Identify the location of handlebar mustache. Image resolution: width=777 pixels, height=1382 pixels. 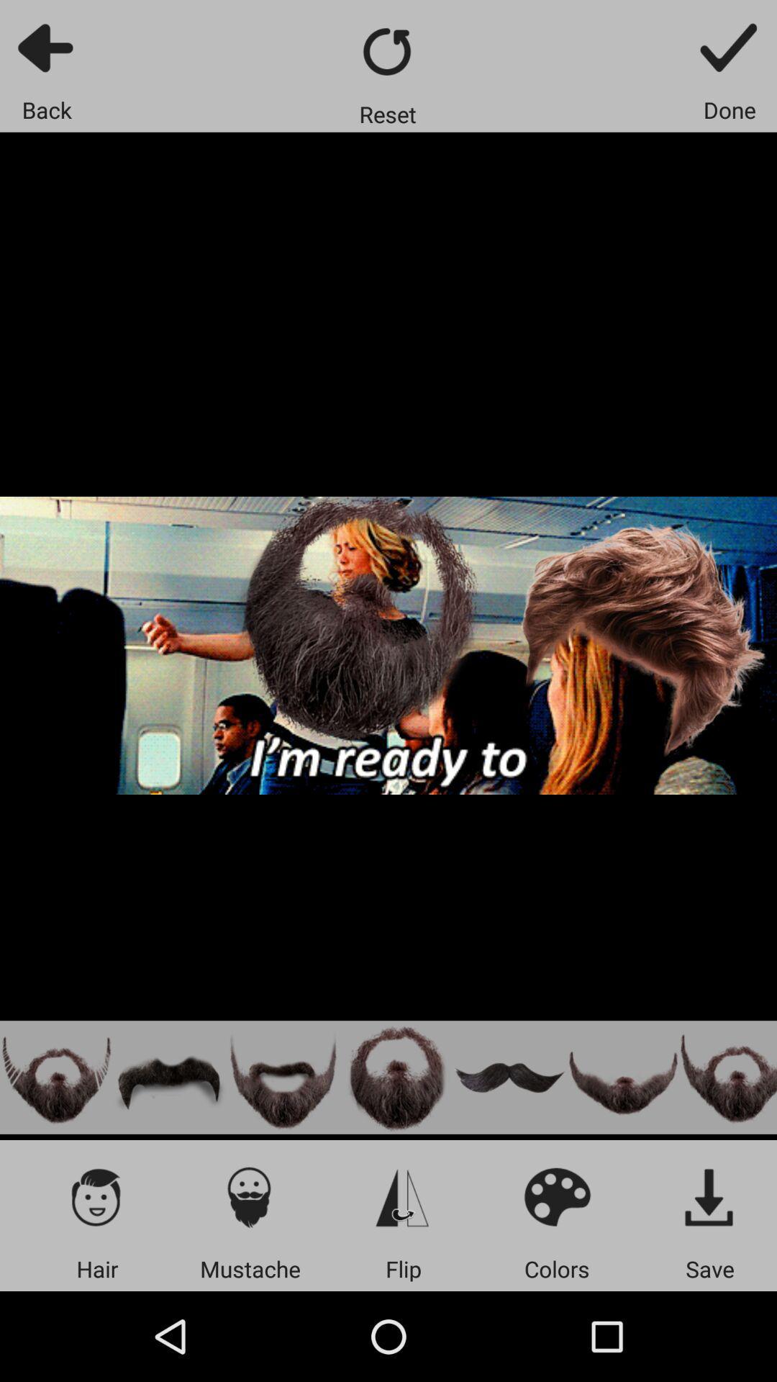
(509, 1078).